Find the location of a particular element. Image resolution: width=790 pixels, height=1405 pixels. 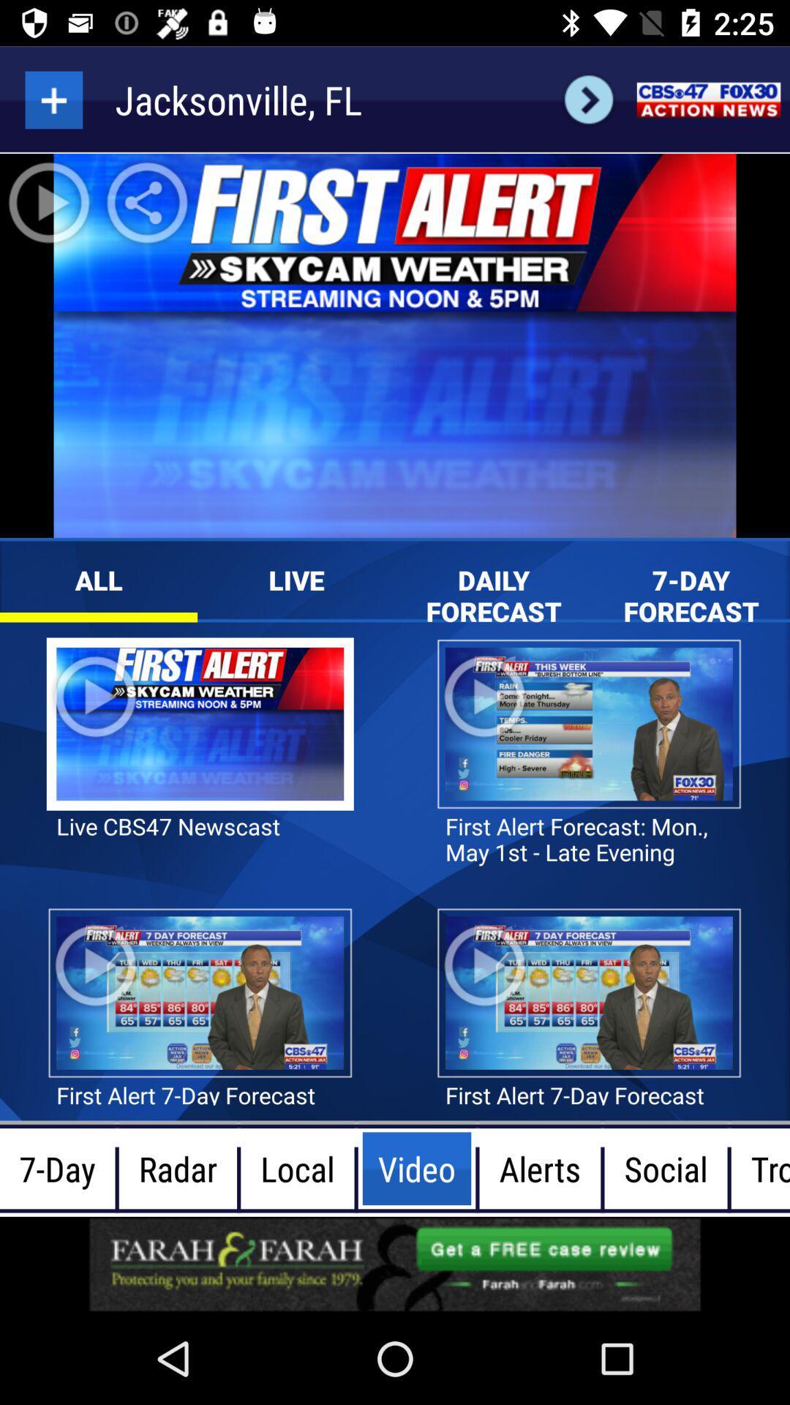

homepage is located at coordinates (707, 99).